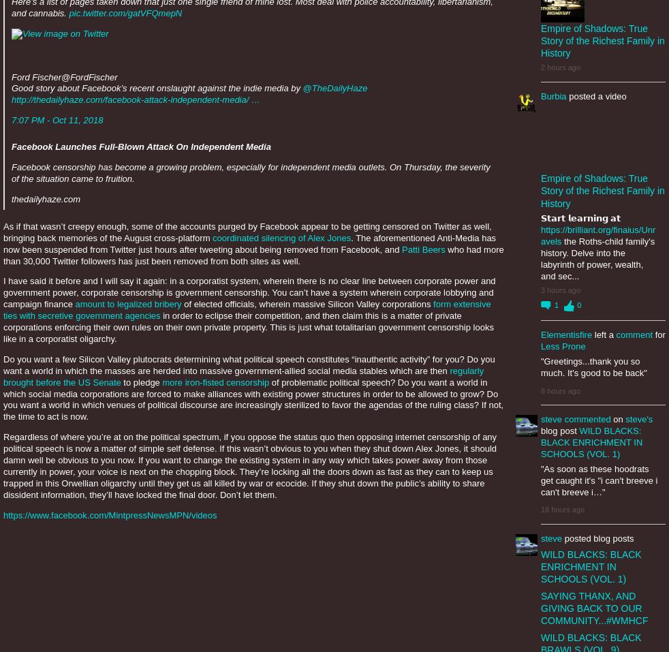  Describe the element at coordinates (74, 303) in the screenshot. I see `'amount to legalized bribery'` at that location.